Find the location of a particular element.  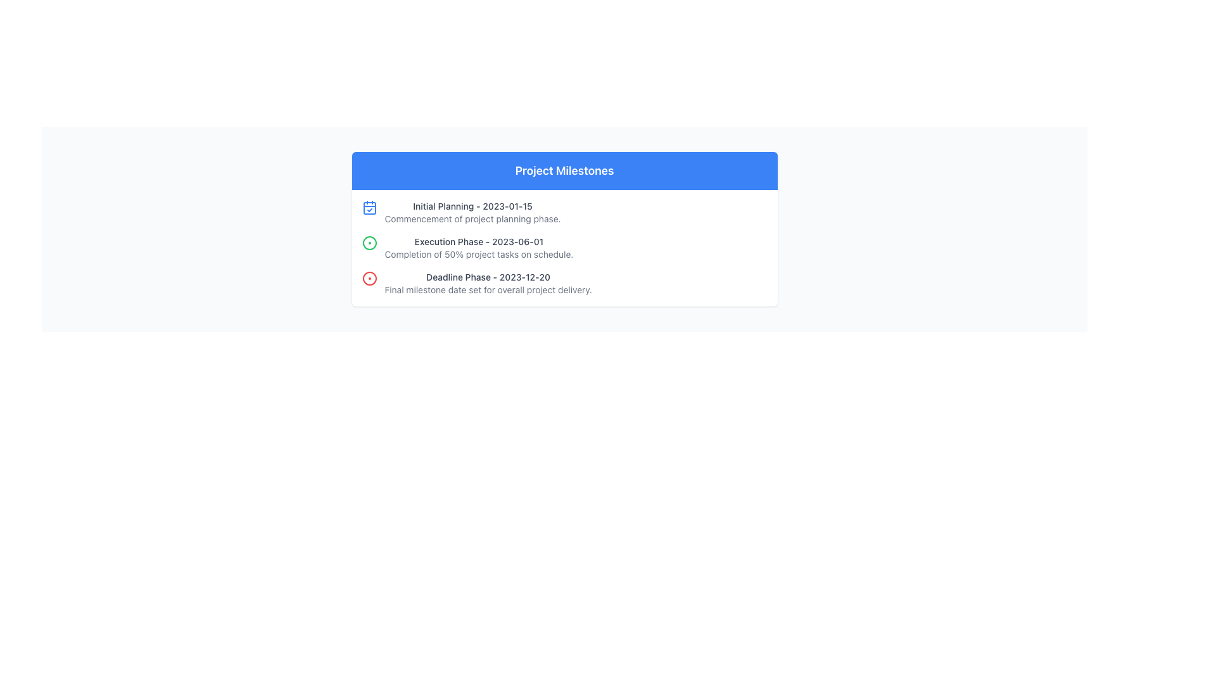

milestone title text label located at the center of the 'Project Milestones' section, which indicates the final phase and its corresponding date is located at coordinates (488, 277).